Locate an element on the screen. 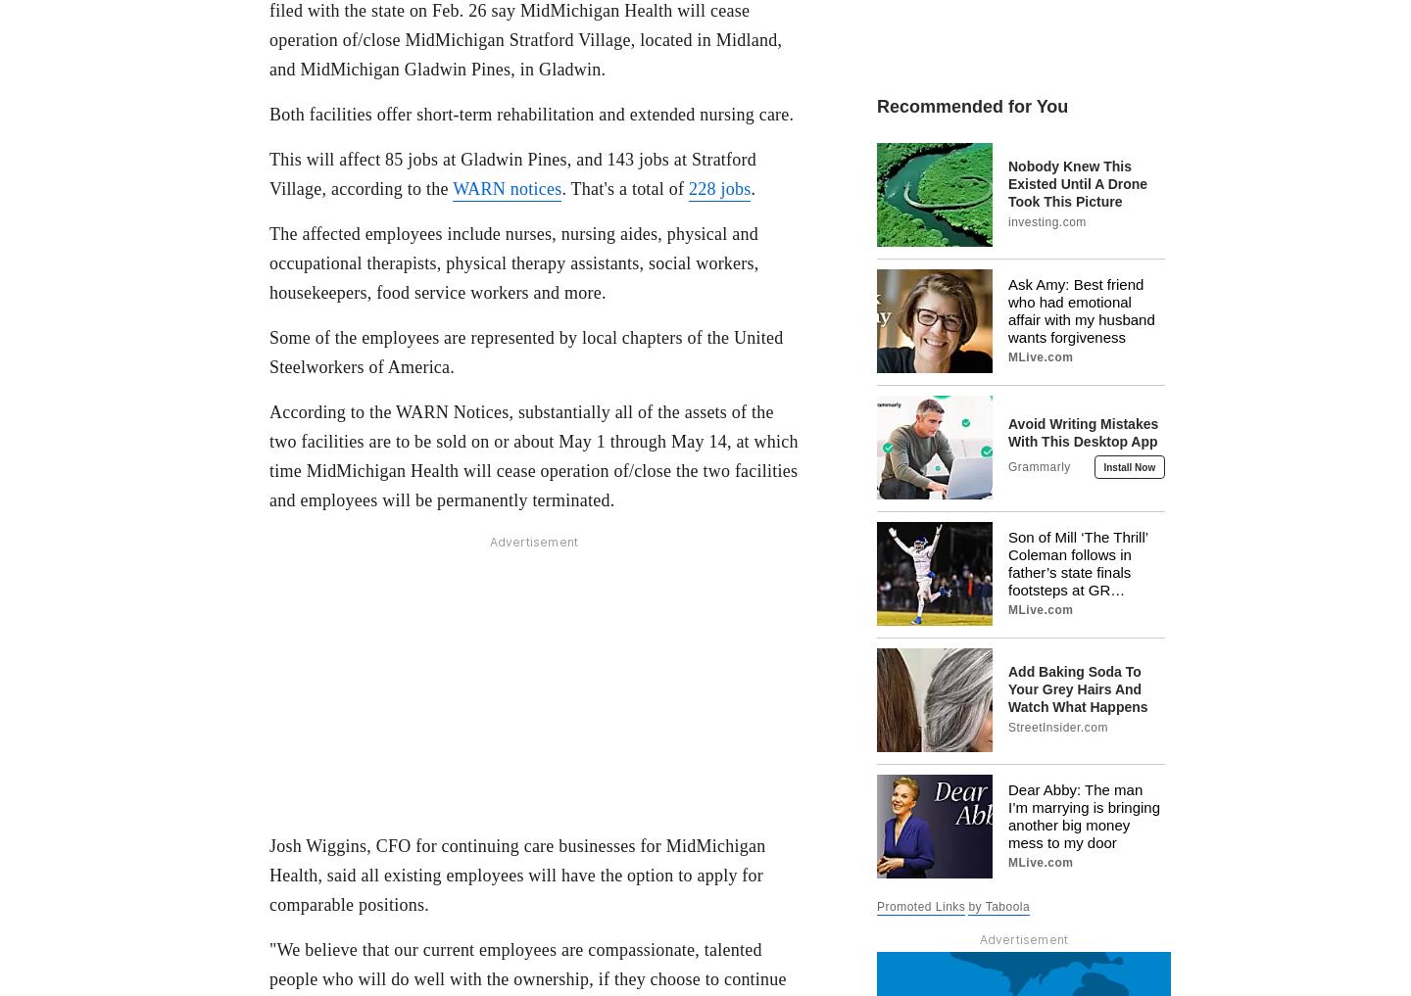 This screenshot has height=996, width=1411. 'WARN notices' is located at coordinates (506, 188).